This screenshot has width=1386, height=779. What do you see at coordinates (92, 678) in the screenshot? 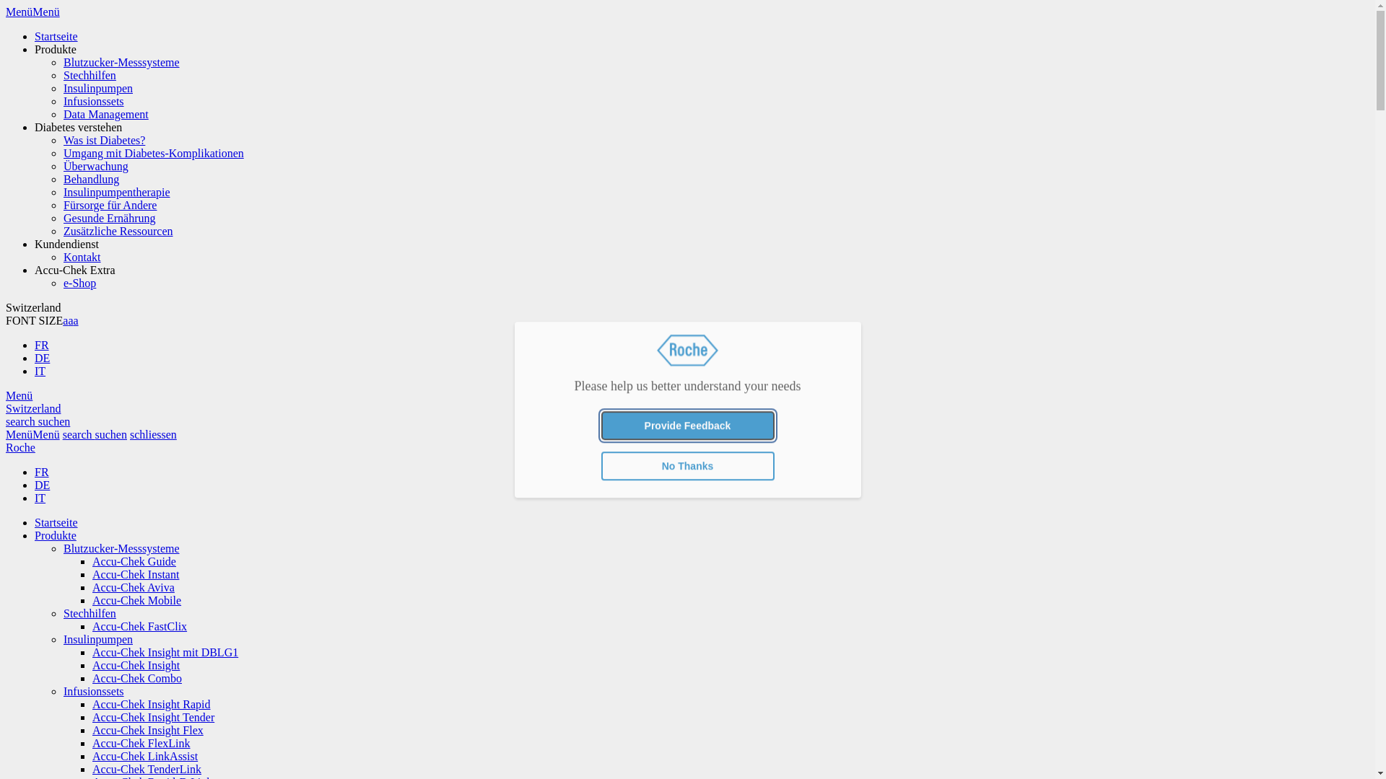
I see `'Accu-Chek Combo'` at bounding box center [92, 678].